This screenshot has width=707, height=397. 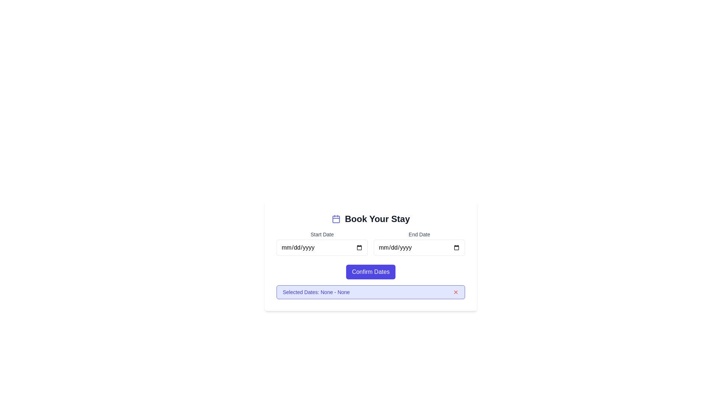 What do you see at coordinates (316, 292) in the screenshot?
I see `the Text Label that displays the selected dates, currently showing 'None - None', positioned beneath the 'Confirm Dates' button` at bounding box center [316, 292].